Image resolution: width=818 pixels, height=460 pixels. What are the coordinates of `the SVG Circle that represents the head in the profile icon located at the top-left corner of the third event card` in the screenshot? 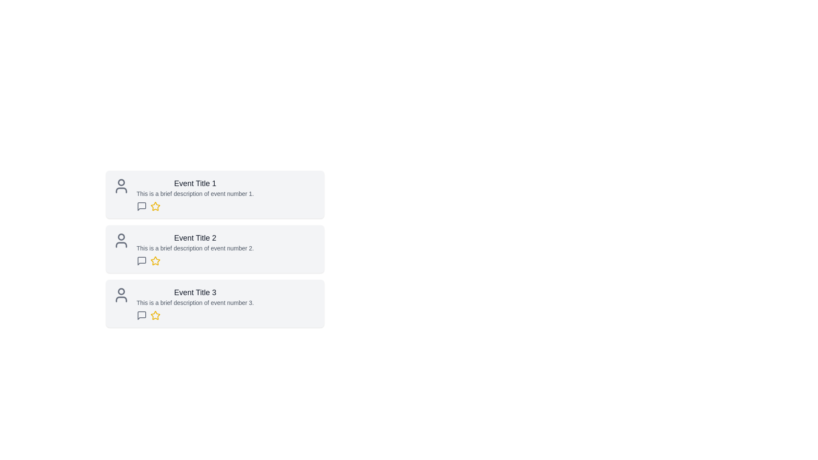 It's located at (121, 291).